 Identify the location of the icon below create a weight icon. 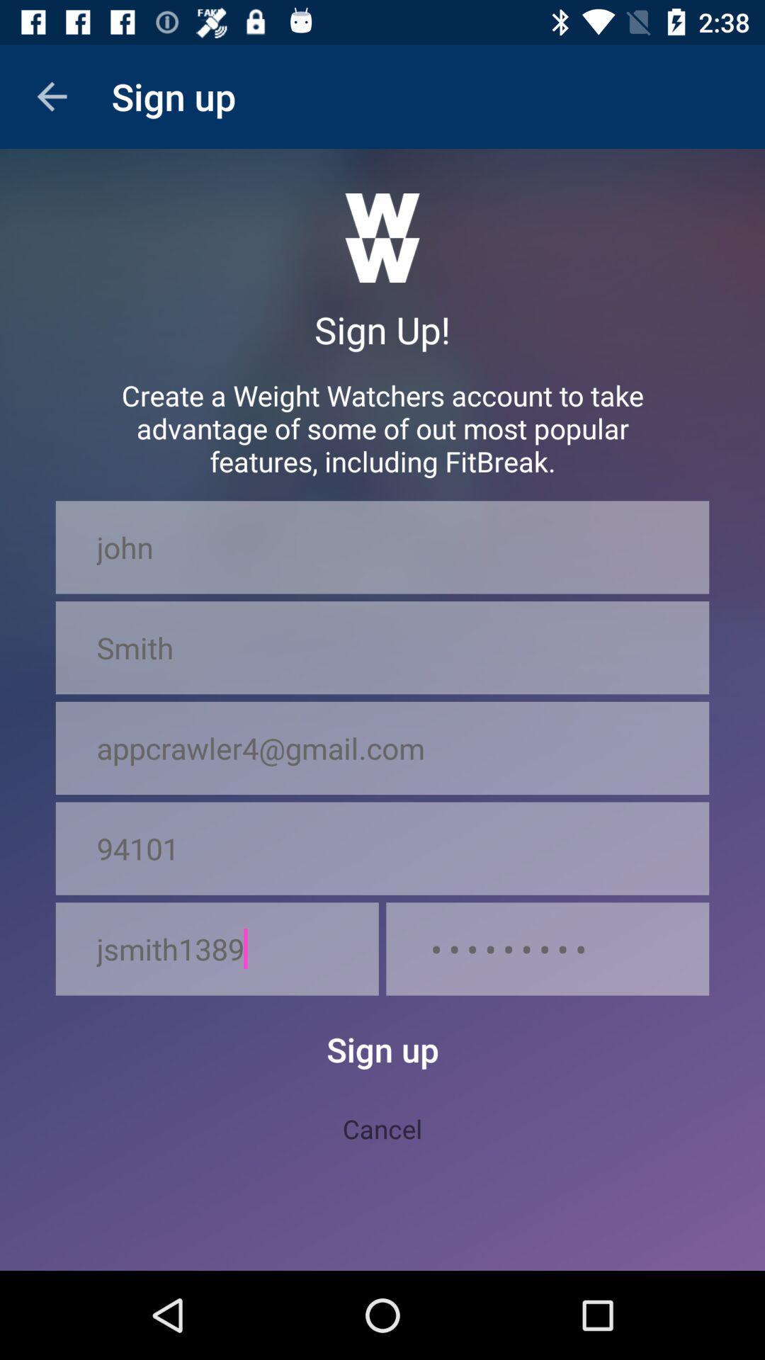
(382, 546).